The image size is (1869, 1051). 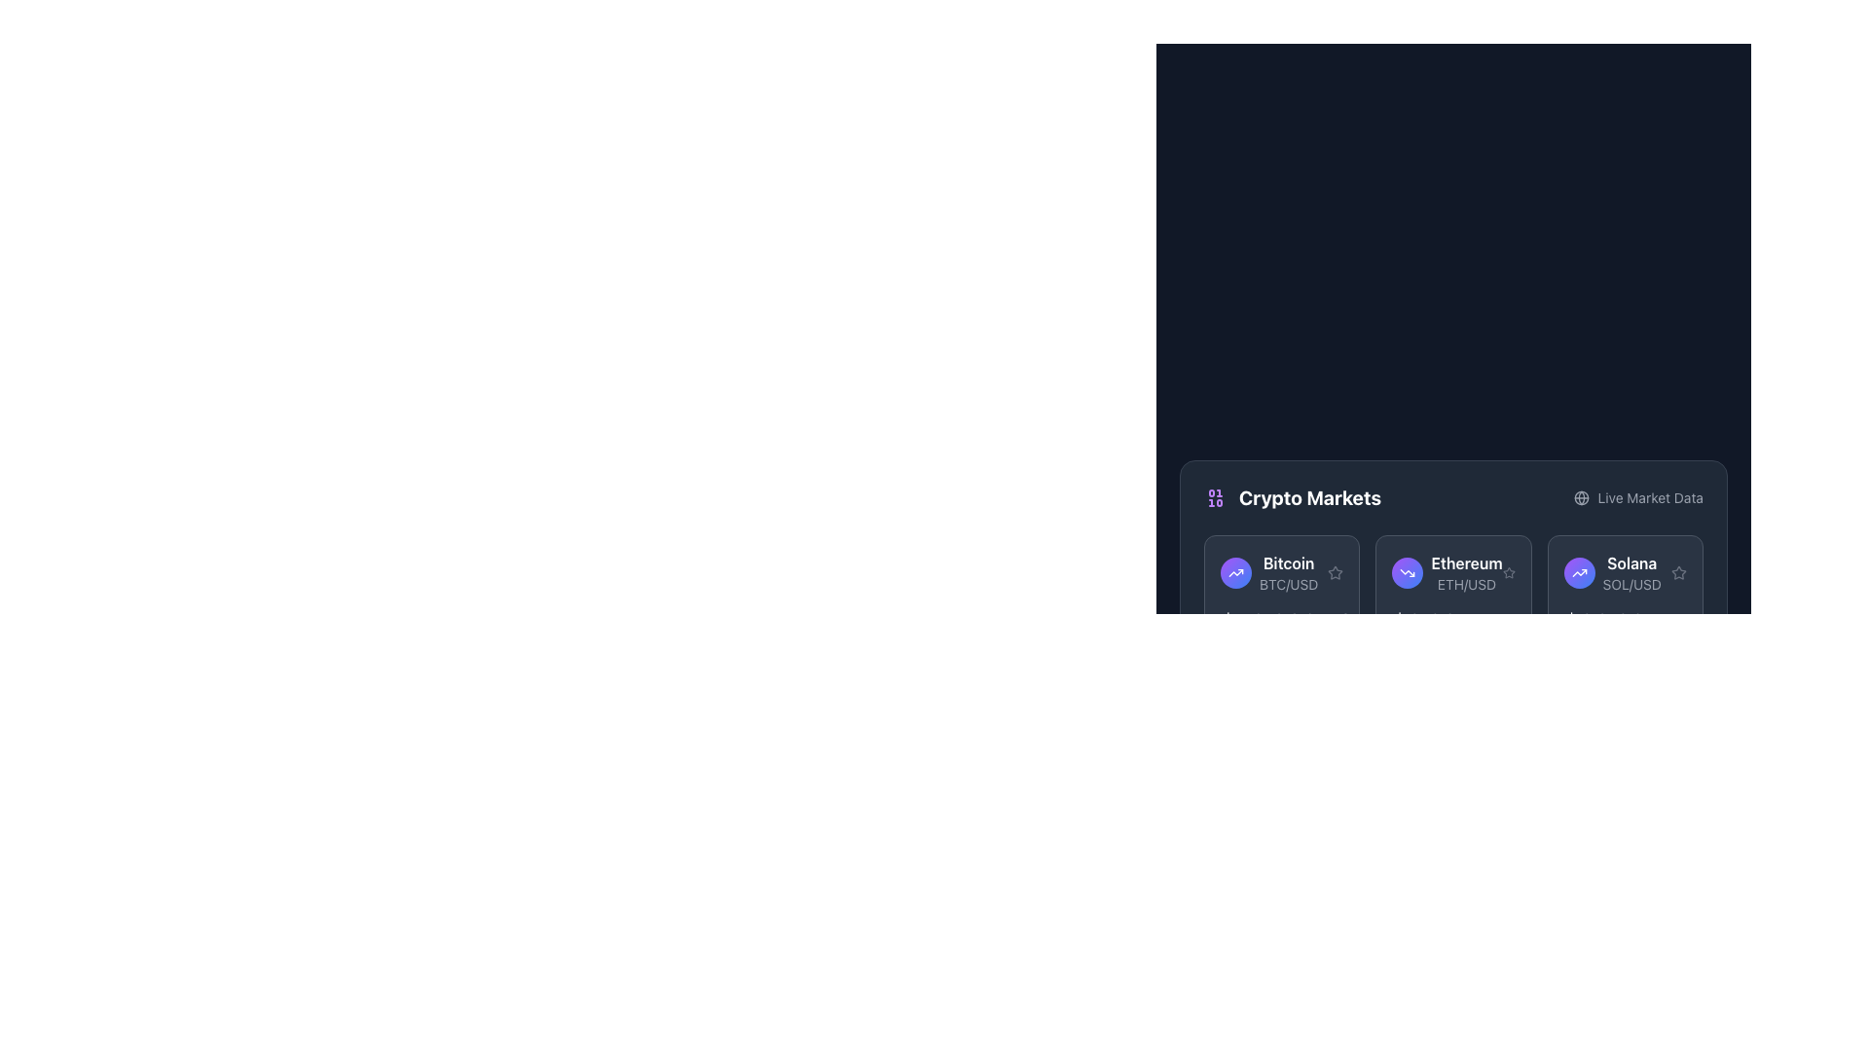 I want to click on on the Ethereum item card in the cryptocurrency market interface, so click(x=1453, y=572).